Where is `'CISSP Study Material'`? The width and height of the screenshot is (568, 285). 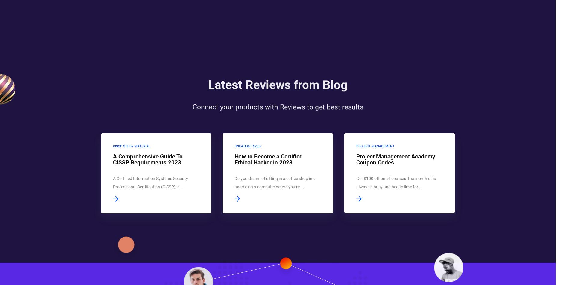
'CISSP Study Material' is located at coordinates (131, 146).